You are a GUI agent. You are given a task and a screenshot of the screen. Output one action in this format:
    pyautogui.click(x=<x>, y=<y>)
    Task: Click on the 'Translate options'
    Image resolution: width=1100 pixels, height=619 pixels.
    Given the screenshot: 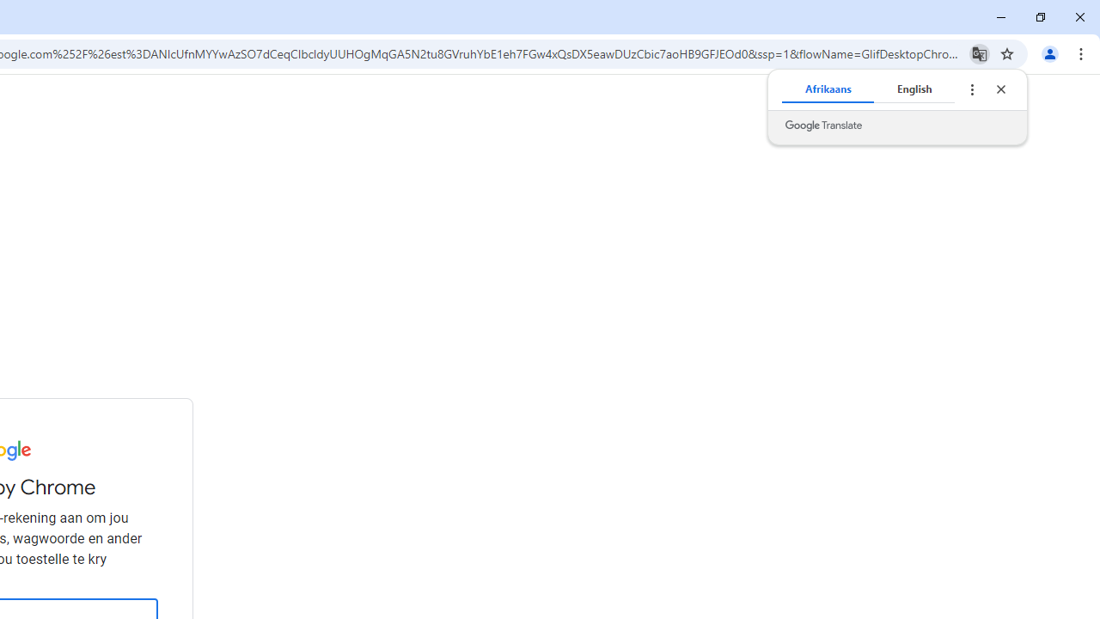 What is the action you would take?
    pyautogui.click(x=971, y=89)
    